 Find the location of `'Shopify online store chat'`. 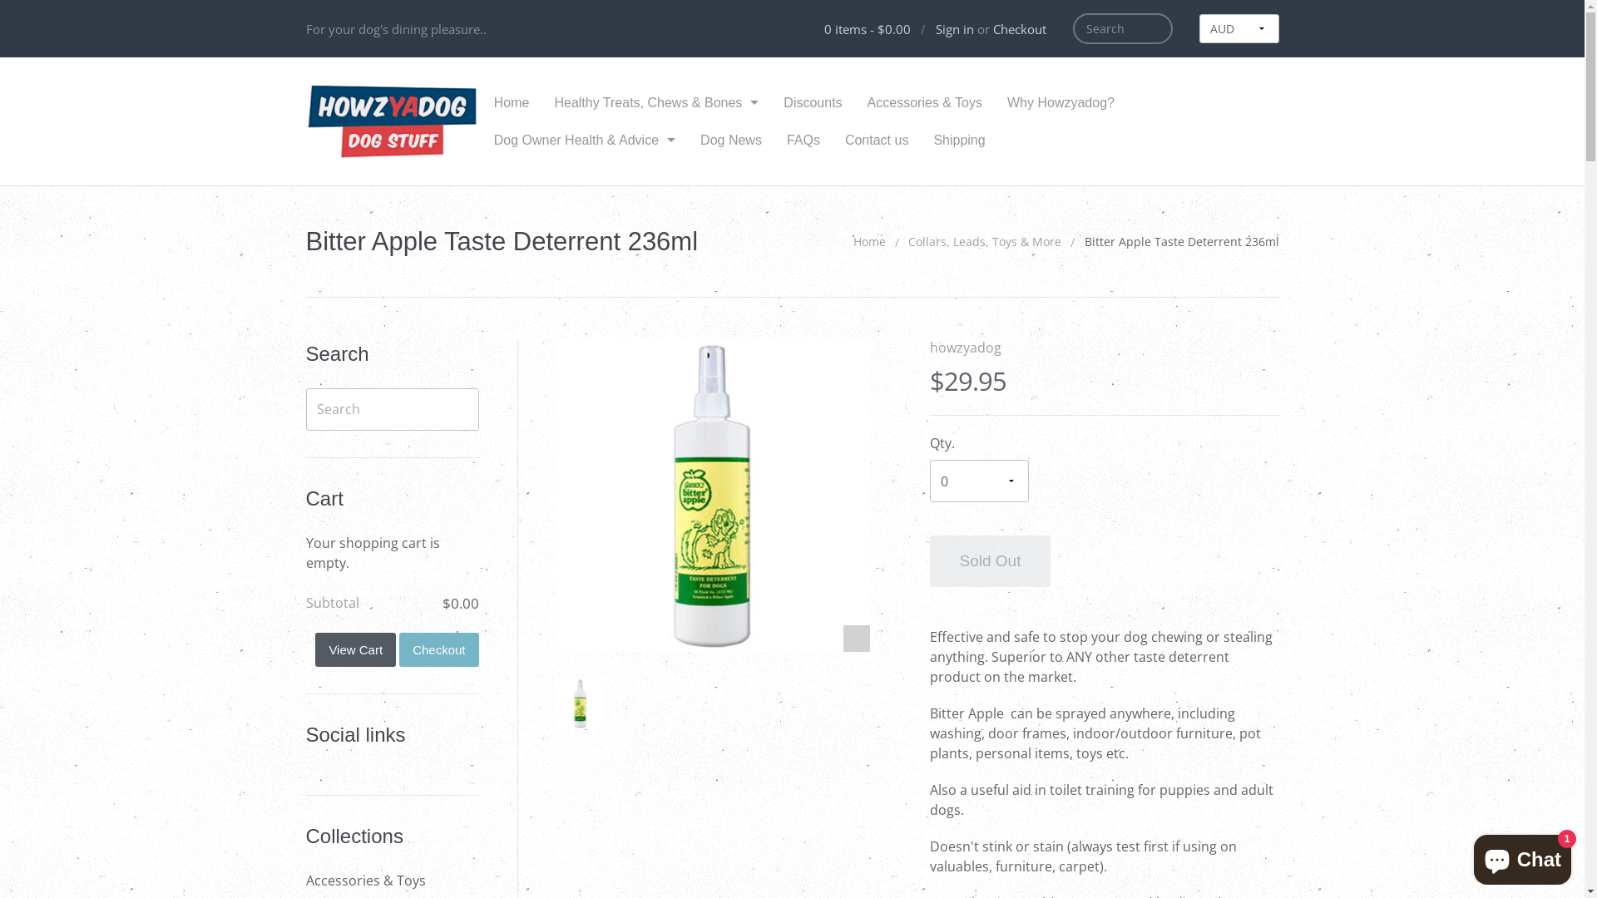

'Shopify online store chat' is located at coordinates (1522, 856).